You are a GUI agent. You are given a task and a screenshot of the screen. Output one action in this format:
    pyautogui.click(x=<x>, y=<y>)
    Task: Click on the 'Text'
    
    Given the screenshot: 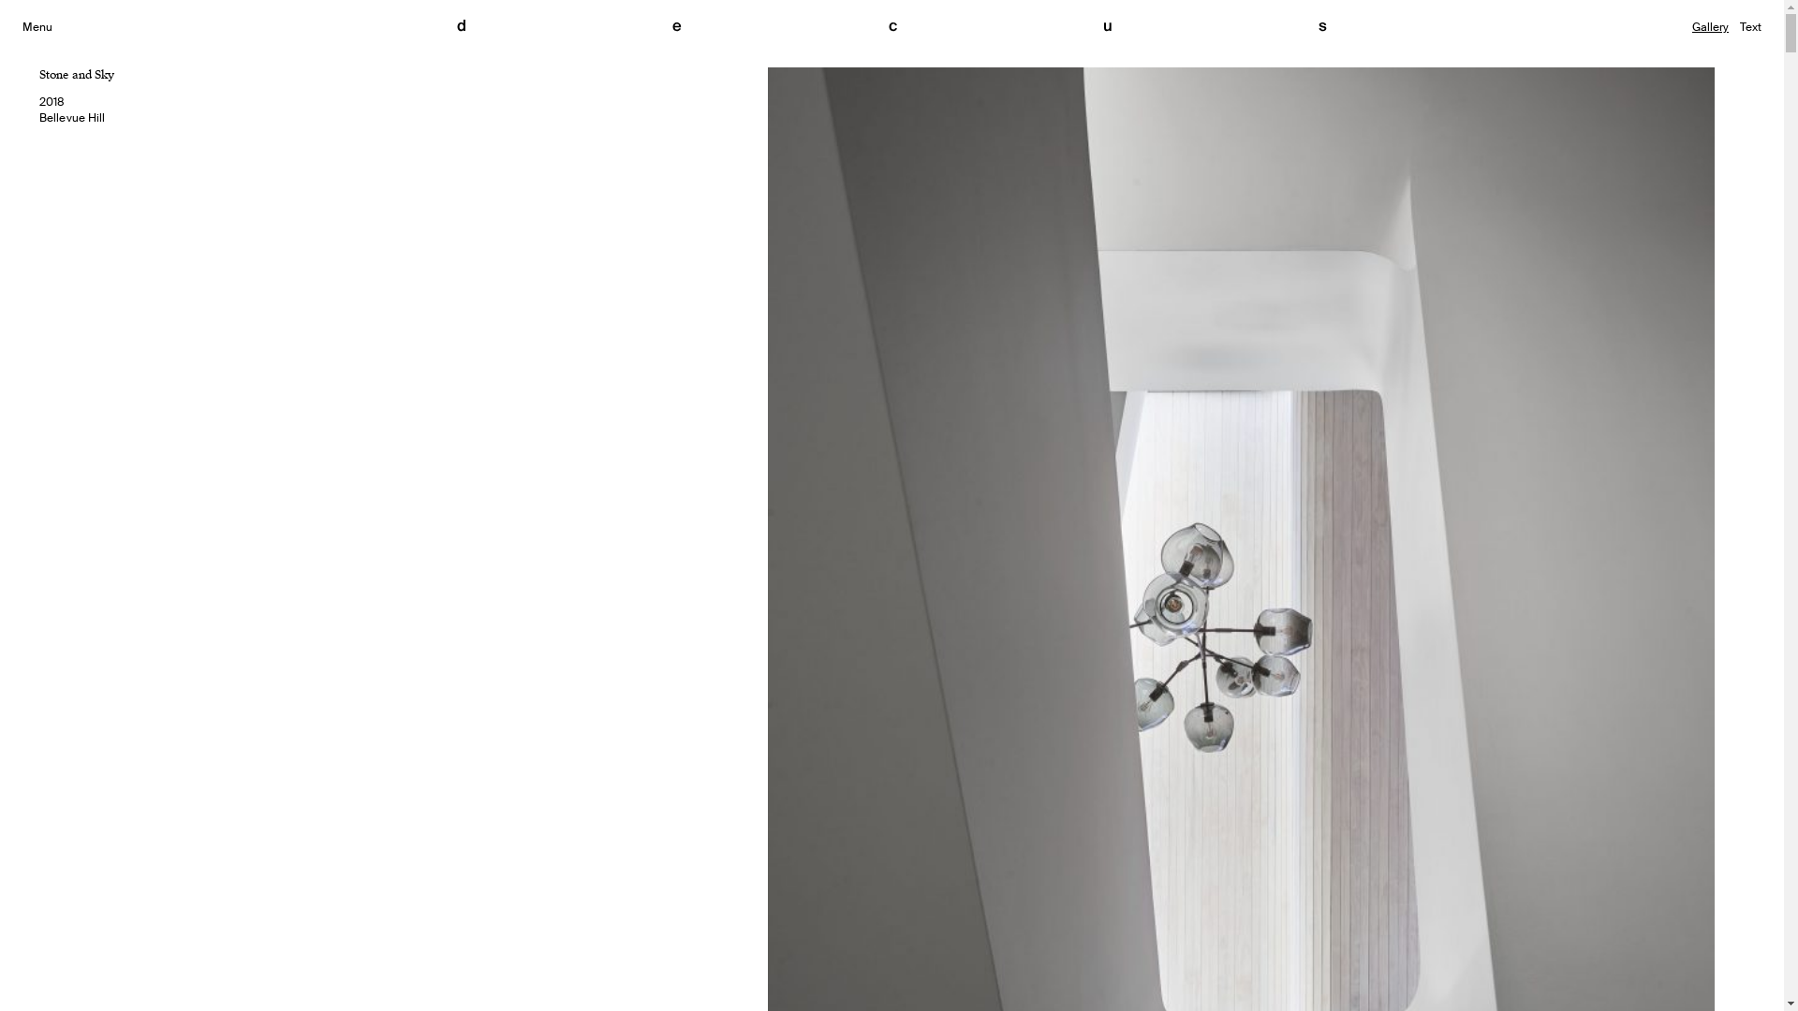 What is the action you would take?
    pyautogui.click(x=1738, y=27)
    